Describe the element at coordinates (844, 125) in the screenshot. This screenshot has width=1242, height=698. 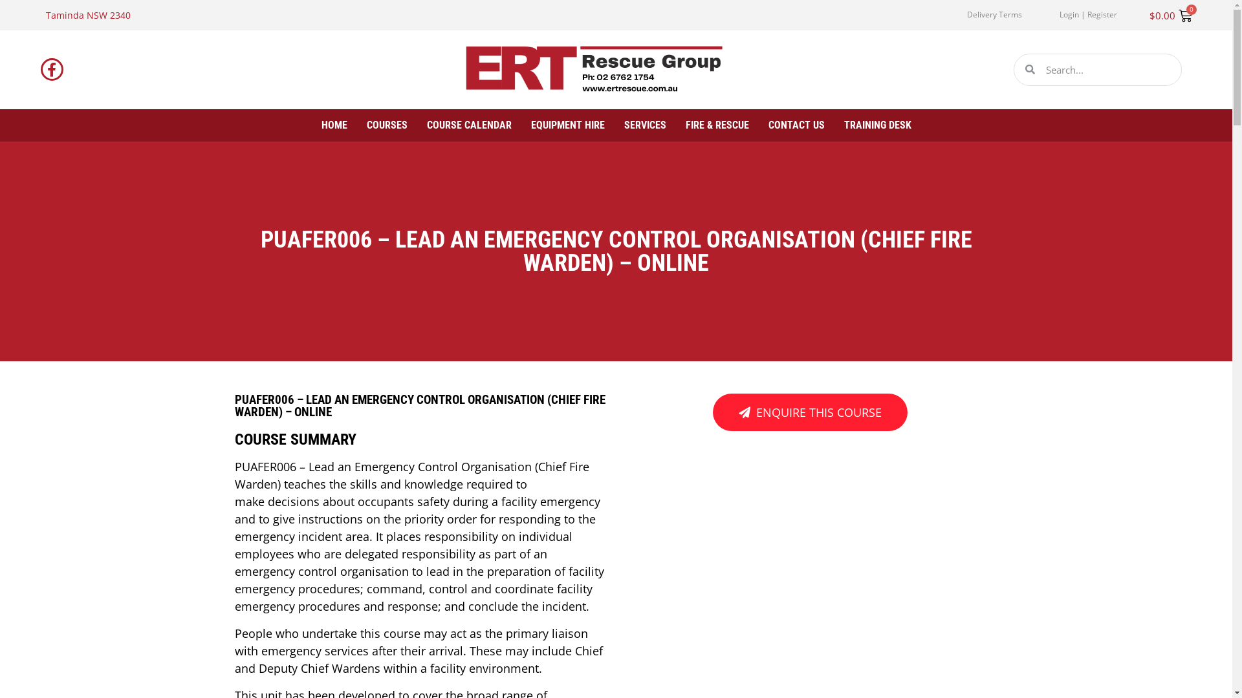
I see `'TRAINING DESK'` at that location.